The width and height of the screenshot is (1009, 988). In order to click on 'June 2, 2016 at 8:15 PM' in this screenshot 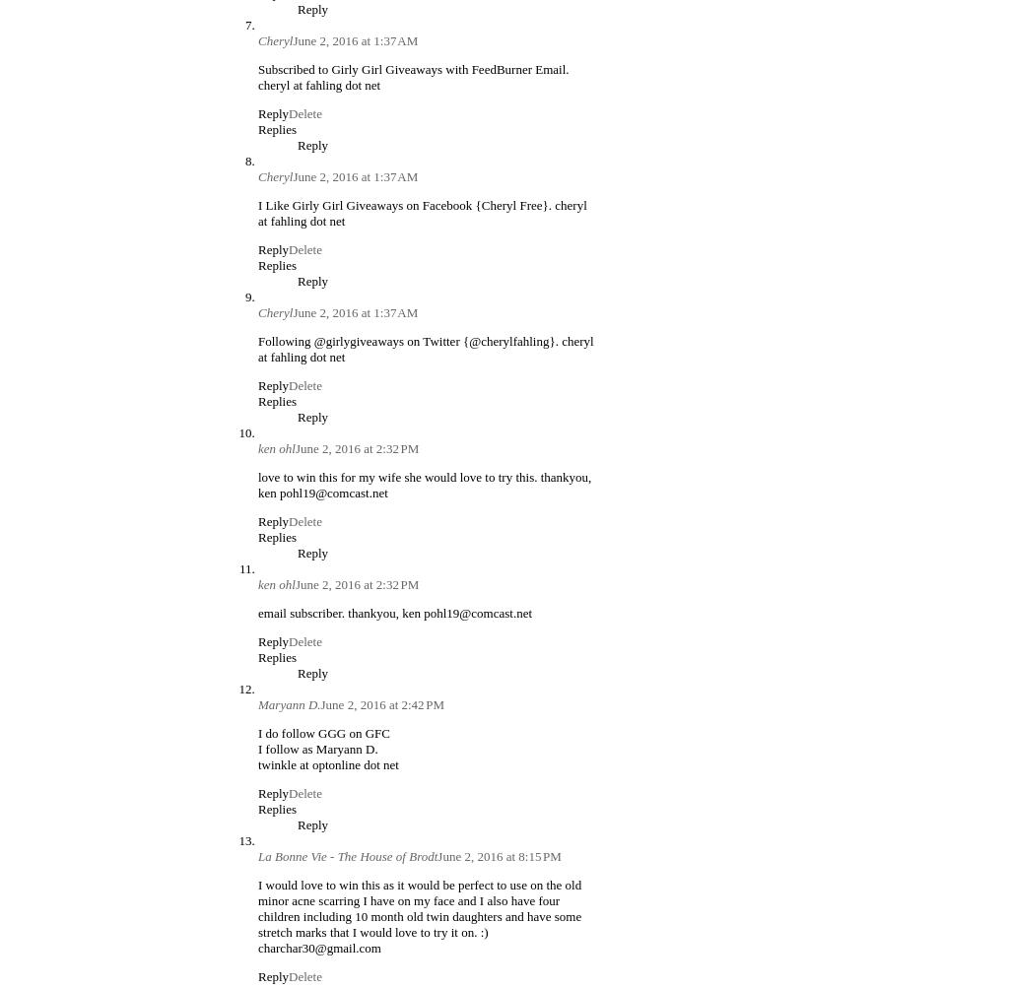, I will do `click(437, 855)`.